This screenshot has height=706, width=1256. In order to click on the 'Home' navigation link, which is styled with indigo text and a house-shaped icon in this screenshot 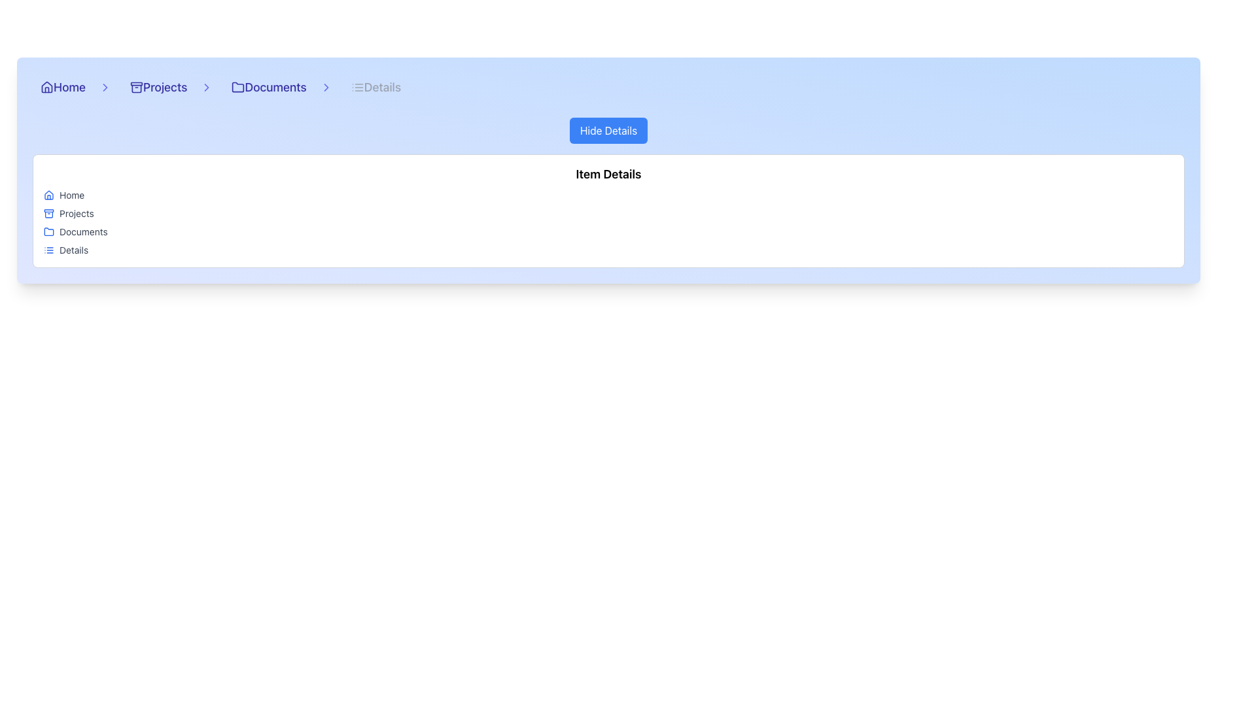, I will do `click(62, 88)`.